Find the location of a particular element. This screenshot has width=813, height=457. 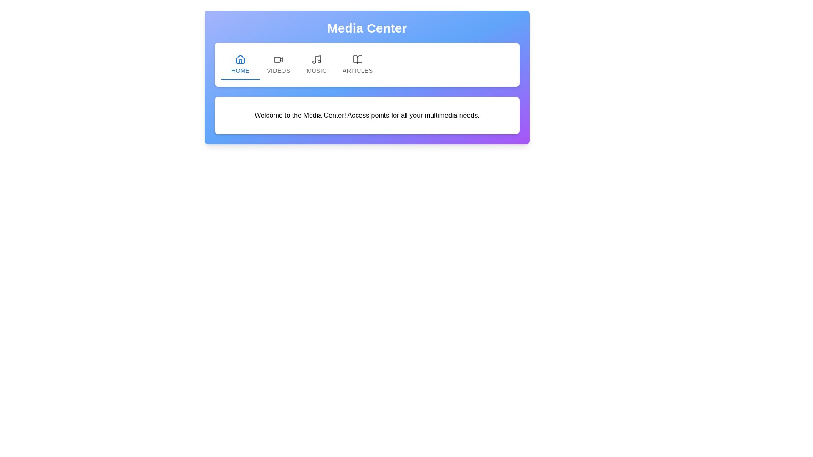

the 'ARTICLES' navigation tab icon located in the fourth position from the left in the navigation bar is located at coordinates (357, 59).